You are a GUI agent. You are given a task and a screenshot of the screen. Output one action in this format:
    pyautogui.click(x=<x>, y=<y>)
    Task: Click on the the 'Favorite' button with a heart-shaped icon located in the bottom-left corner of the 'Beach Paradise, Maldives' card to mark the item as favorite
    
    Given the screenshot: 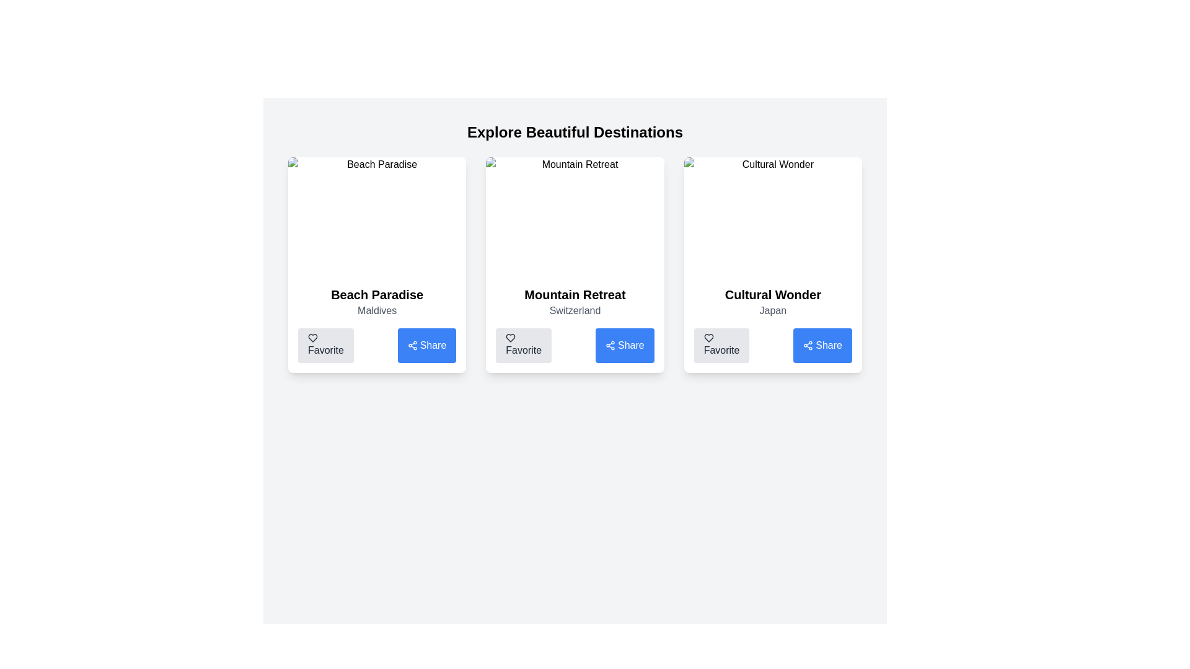 What is the action you would take?
    pyautogui.click(x=325, y=346)
    